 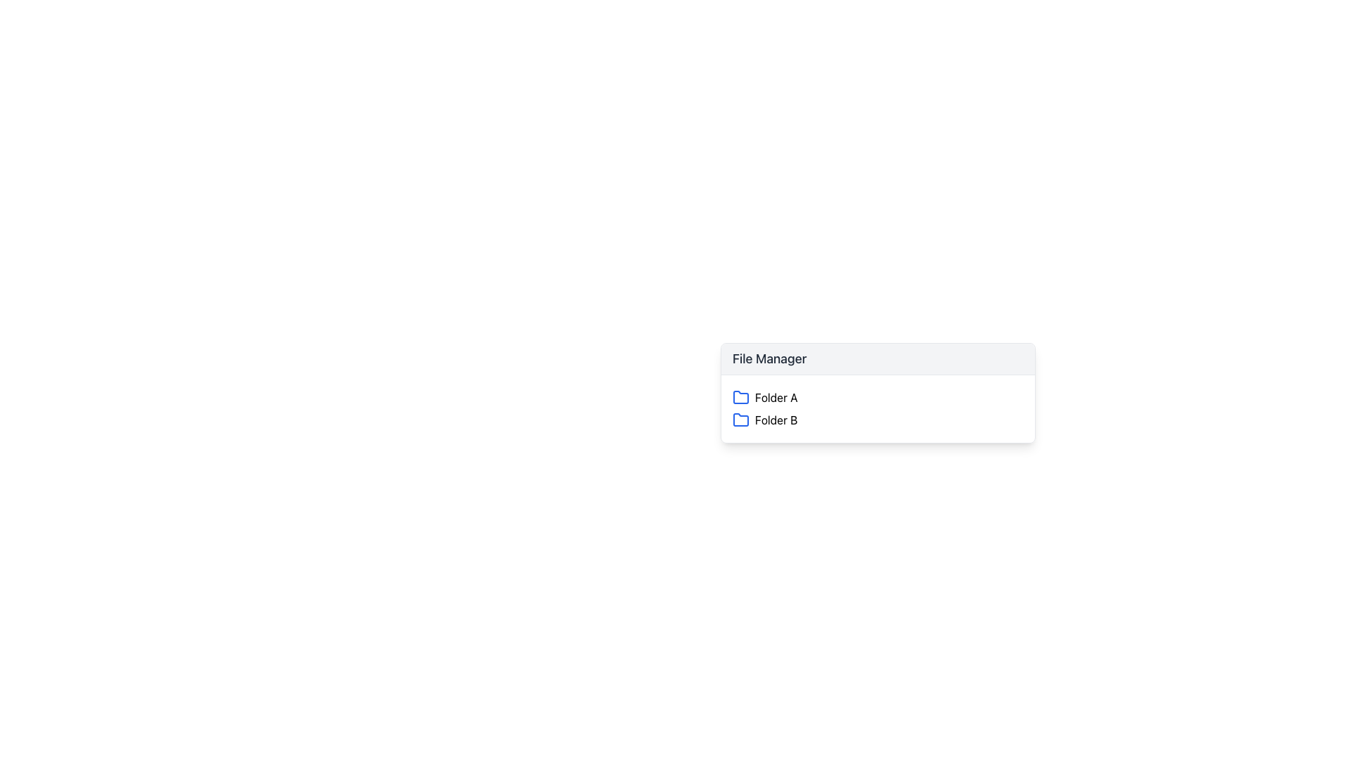 I want to click on the 'File Manager' text label, which is displayed in bold, dark gray font at the top of the card-like panel, so click(x=769, y=358).